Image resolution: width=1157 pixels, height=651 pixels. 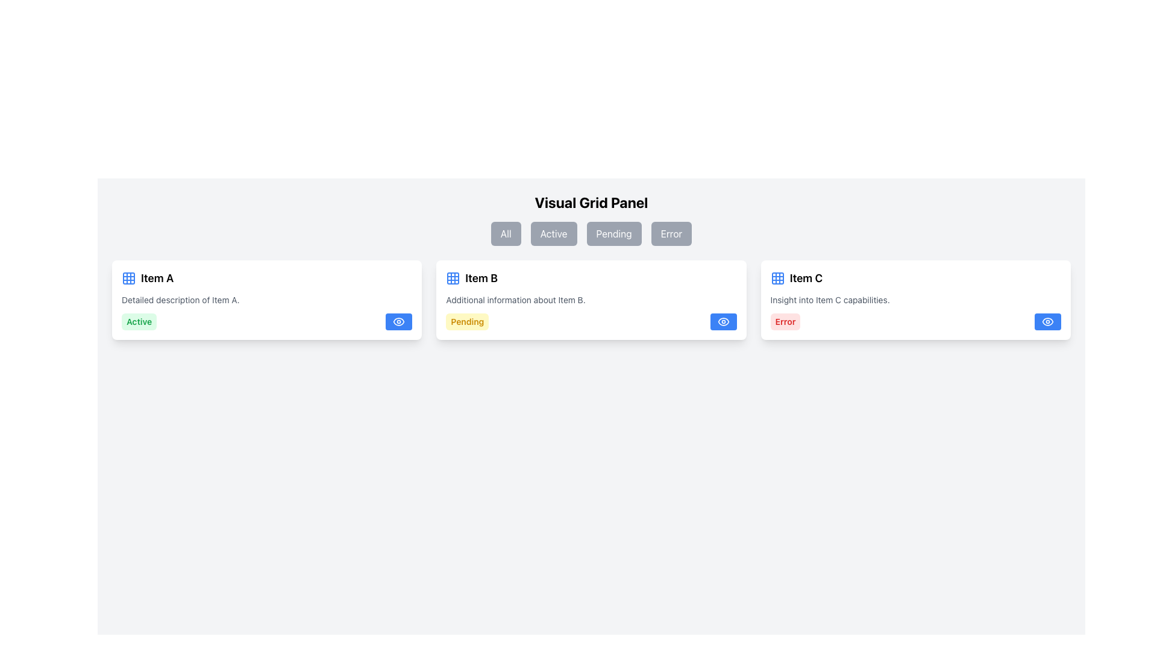 What do you see at coordinates (129, 278) in the screenshot?
I see `the icon that visually identifies the 'Item A' entry within the Visual Grid Panel, located in the card labeled 'Item A'` at bounding box center [129, 278].